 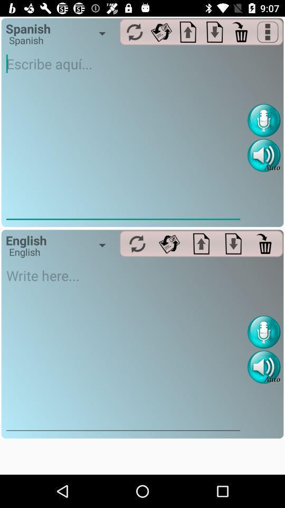 What do you see at coordinates (233, 243) in the screenshot?
I see `the arrow_downward icon` at bounding box center [233, 243].